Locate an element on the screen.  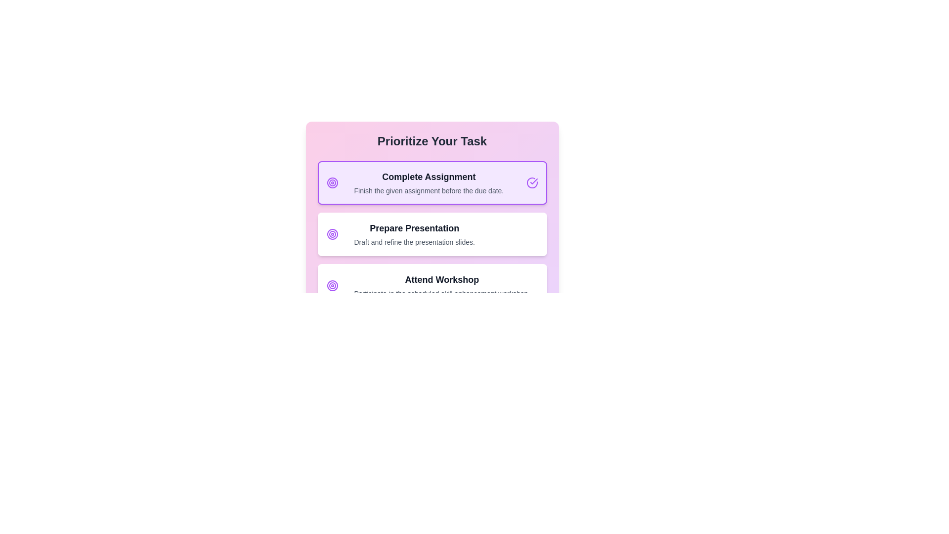
the Text Display element that contains the bold heading 'Prepare Presentation' and the subtext 'Draft and refine the presentation slides', which is the second card in the task list is located at coordinates (414, 234).